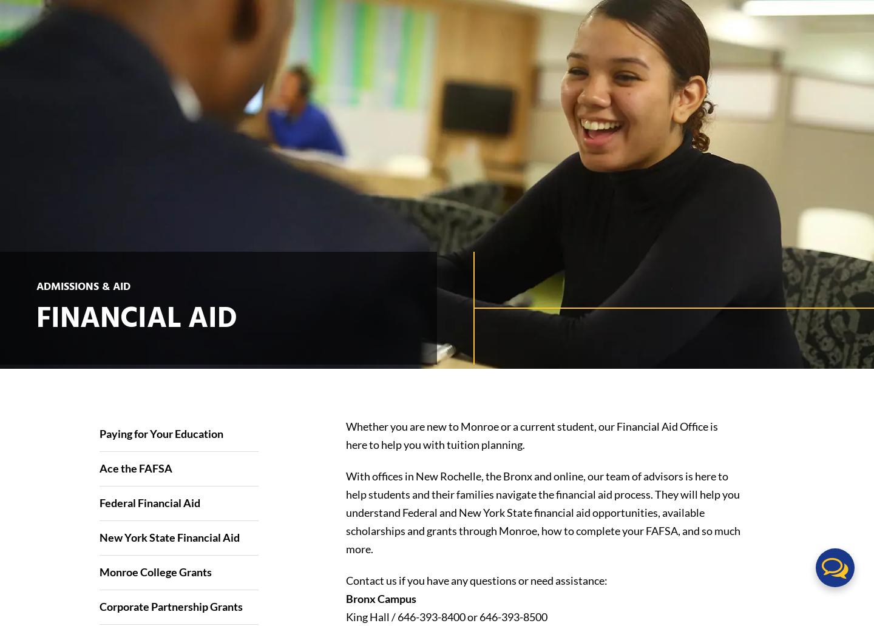  I want to click on 'Monroe College Grants', so click(154, 571).